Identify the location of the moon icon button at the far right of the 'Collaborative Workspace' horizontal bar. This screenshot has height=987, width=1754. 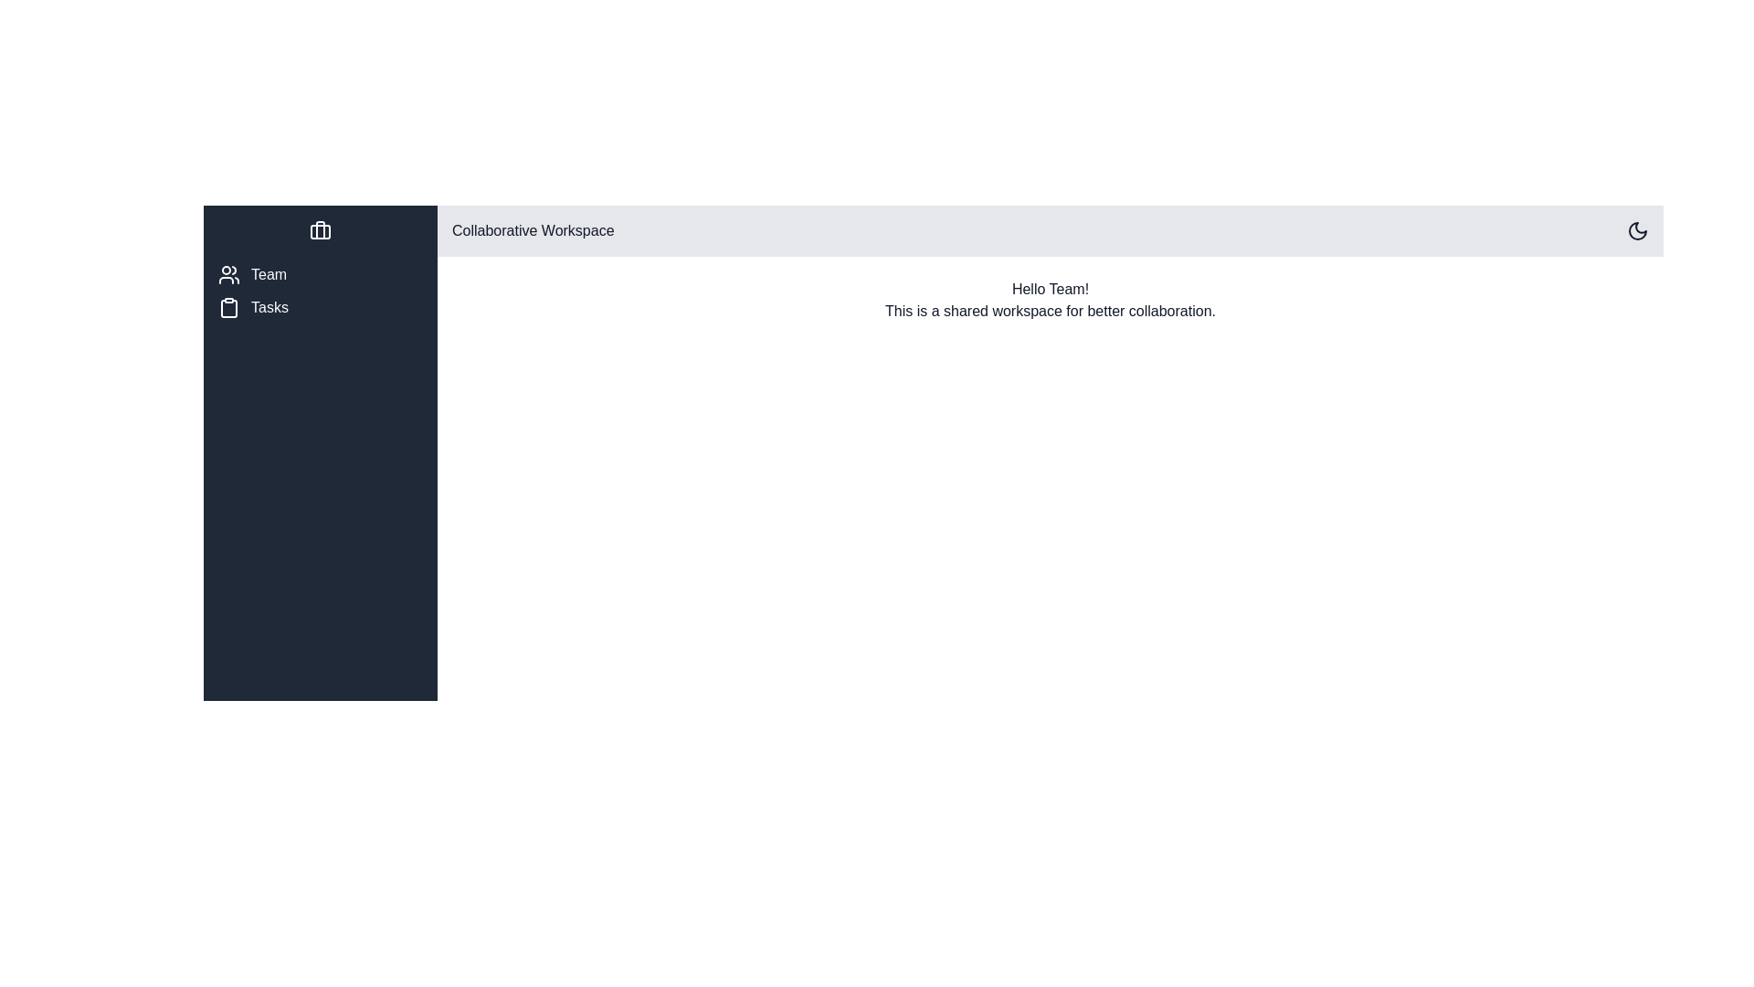
(1638, 230).